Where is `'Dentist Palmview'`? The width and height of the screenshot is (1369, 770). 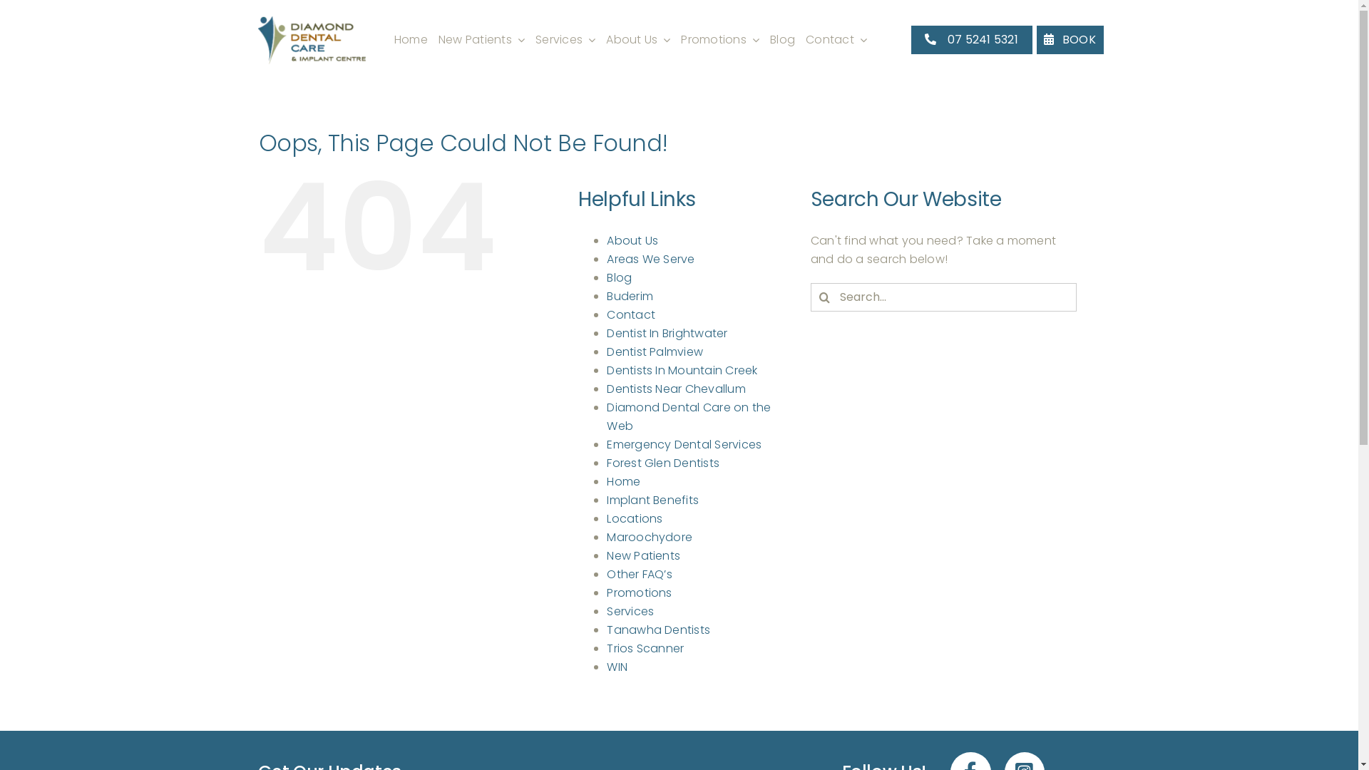
'Dentist Palmview' is located at coordinates (606, 351).